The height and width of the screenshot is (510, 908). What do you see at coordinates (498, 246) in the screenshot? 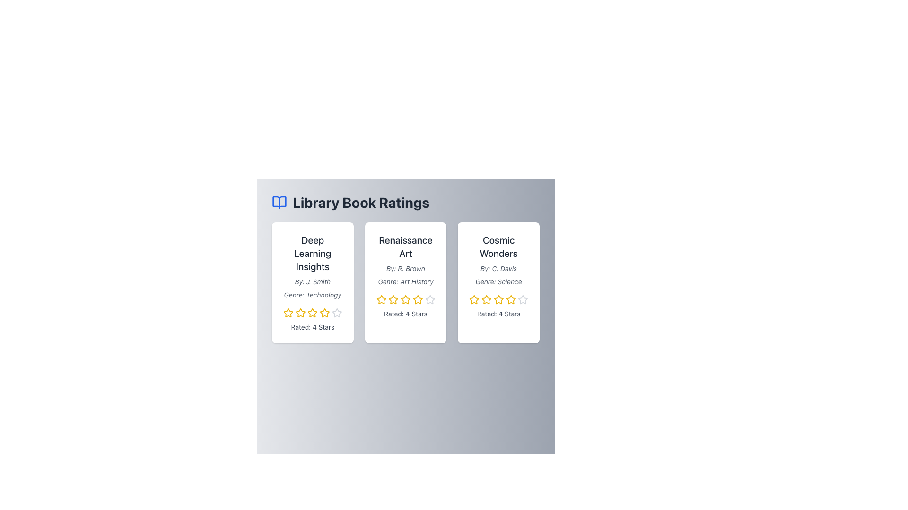
I see `the text label displaying 'Cosmic Wonders', which is styled in bold, large font and located at the top-center of the card about the book` at bounding box center [498, 246].